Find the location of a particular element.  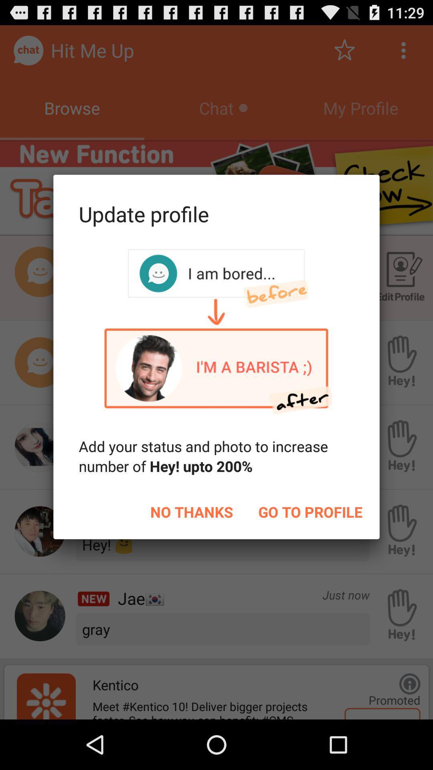

item to the left of go to profile icon is located at coordinates (192, 511).